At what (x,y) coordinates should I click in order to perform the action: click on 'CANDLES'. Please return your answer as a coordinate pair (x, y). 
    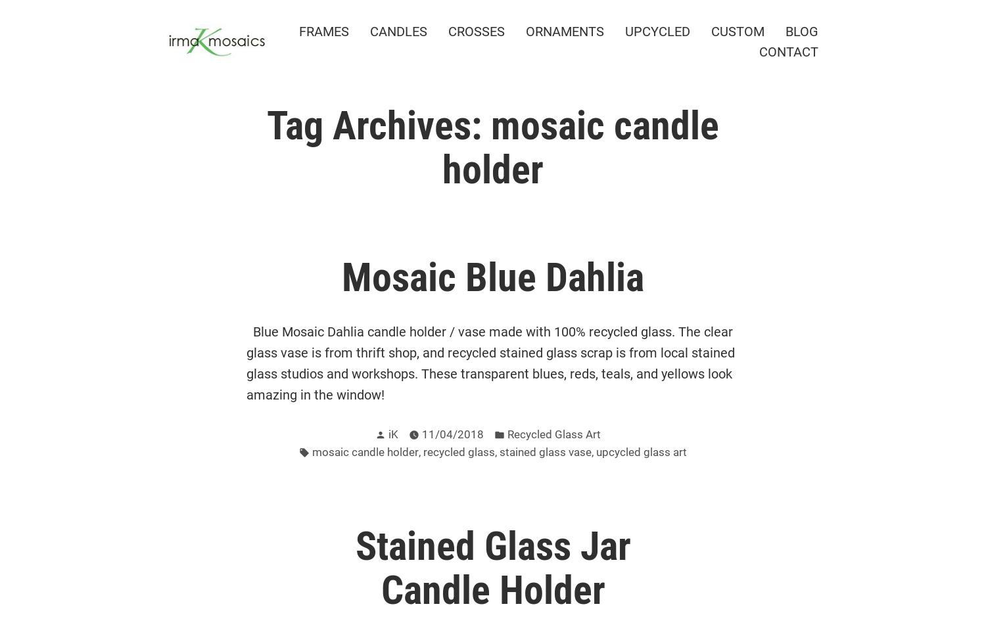
    Looking at the image, I should click on (398, 31).